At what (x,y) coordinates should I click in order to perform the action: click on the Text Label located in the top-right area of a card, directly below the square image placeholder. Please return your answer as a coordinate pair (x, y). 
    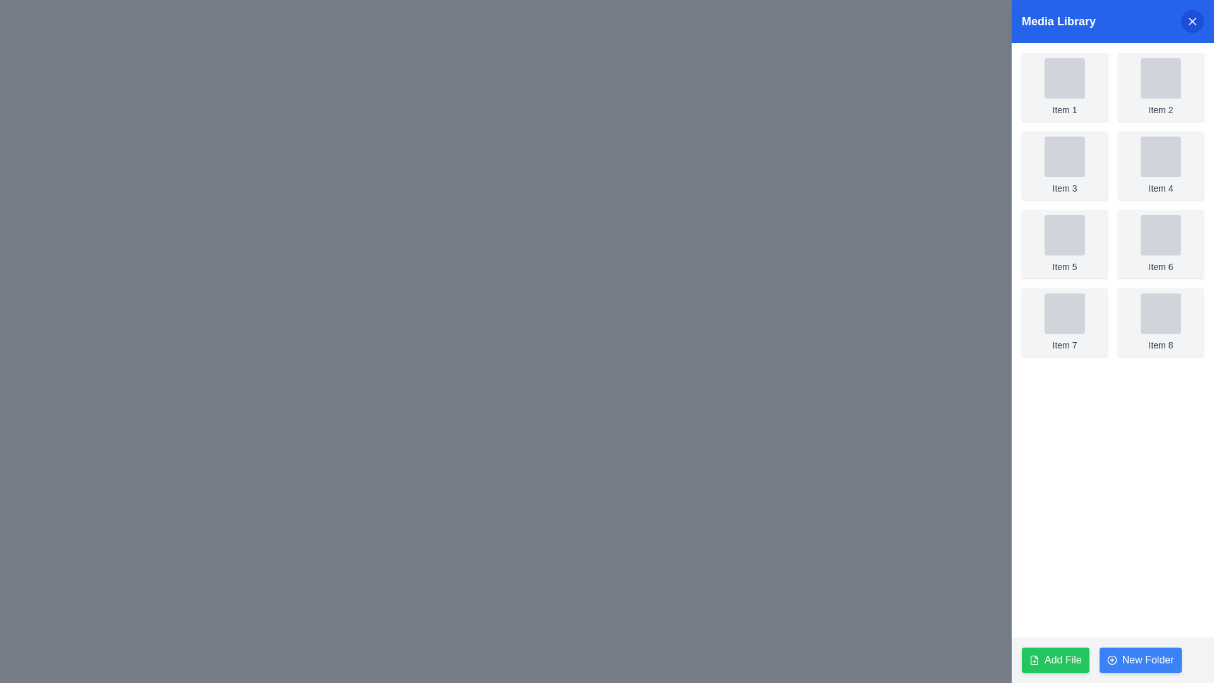
    Looking at the image, I should click on (1064, 188).